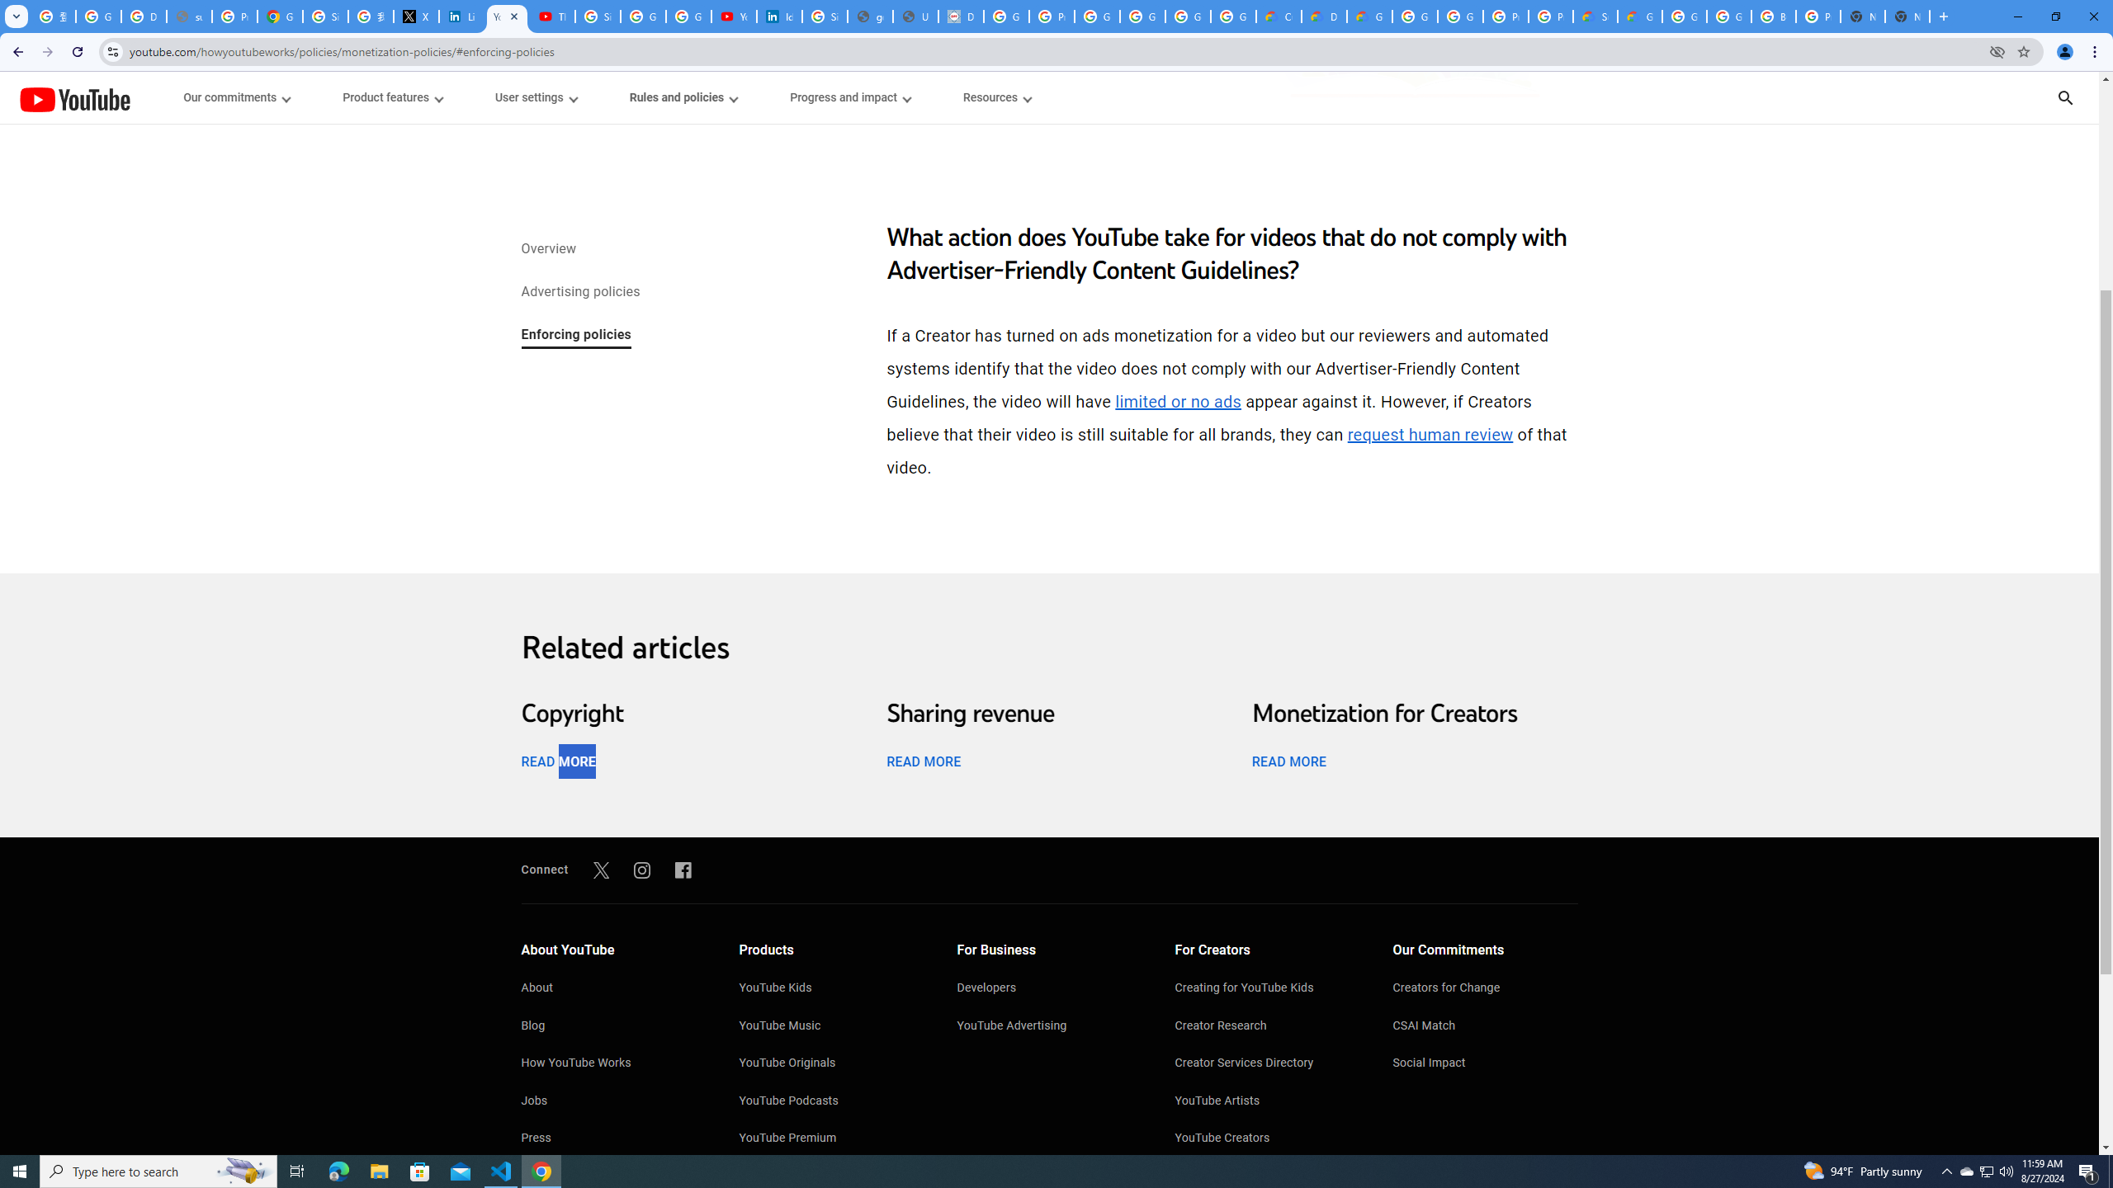 The width and height of the screenshot is (2113, 1188). What do you see at coordinates (1430, 434) in the screenshot?
I see `'request human review'` at bounding box center [1430, 434].